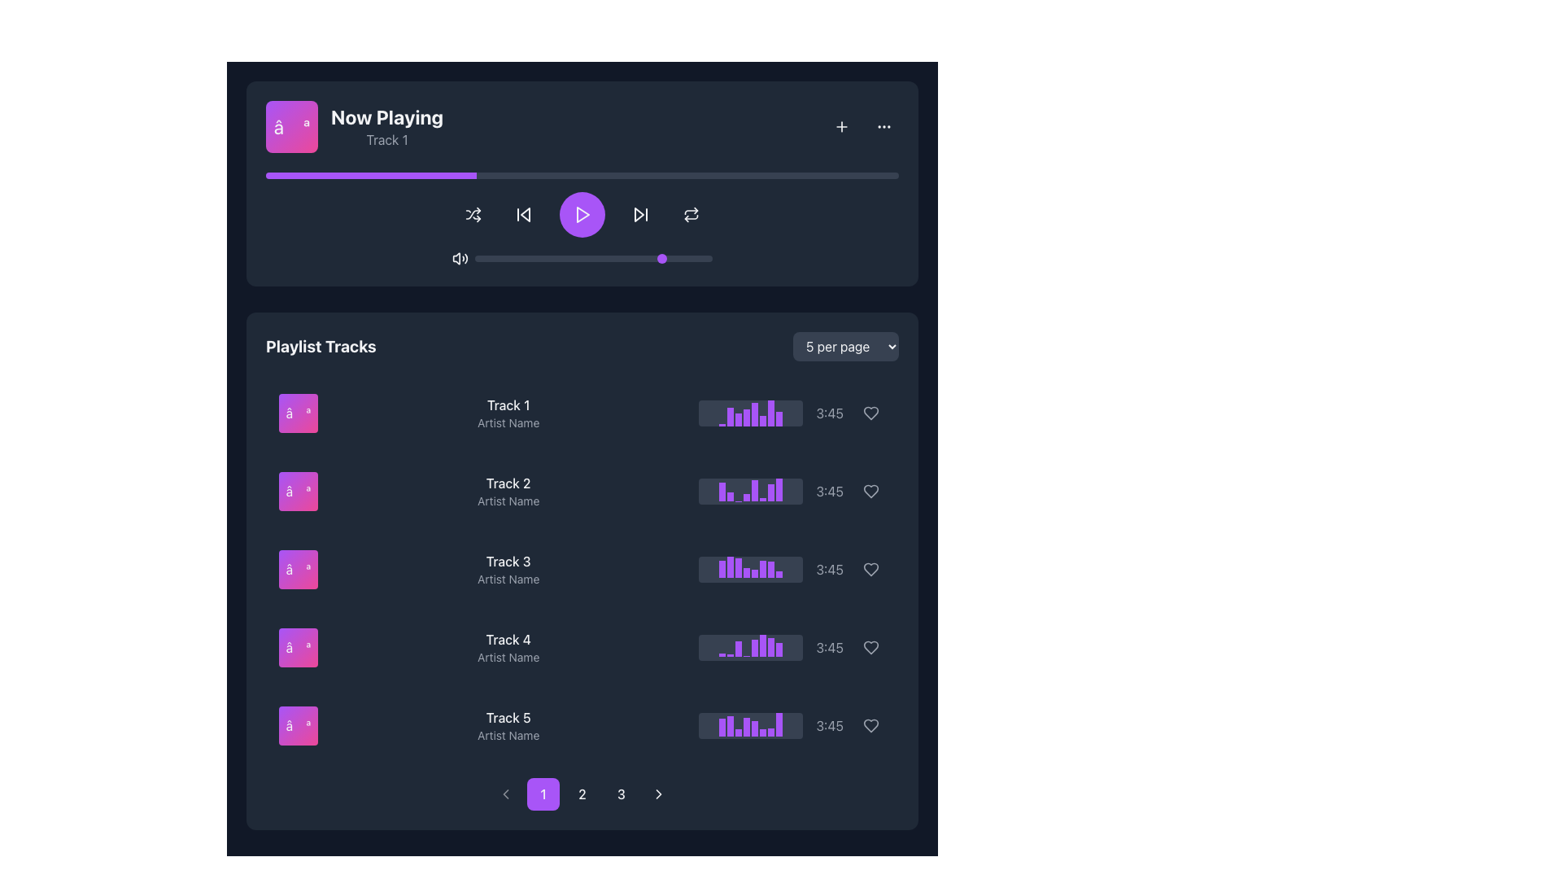  I want to click on the plus icon button located in the top-right corner of the 'Now Playing' section, so click(842, 125).